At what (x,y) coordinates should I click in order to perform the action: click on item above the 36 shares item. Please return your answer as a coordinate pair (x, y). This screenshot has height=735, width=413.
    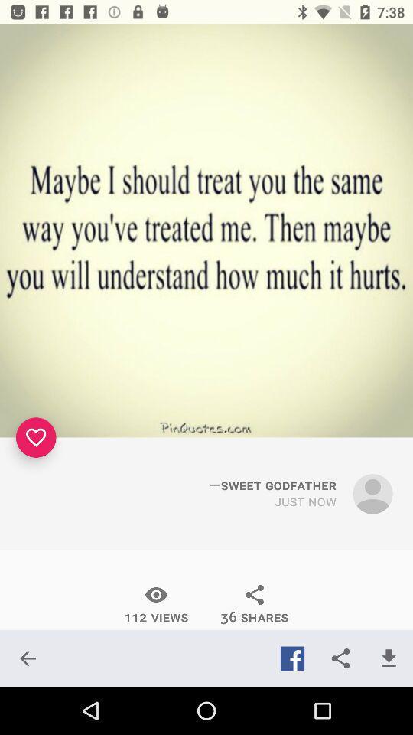
    Looking at the image, I should click on (305, 501).